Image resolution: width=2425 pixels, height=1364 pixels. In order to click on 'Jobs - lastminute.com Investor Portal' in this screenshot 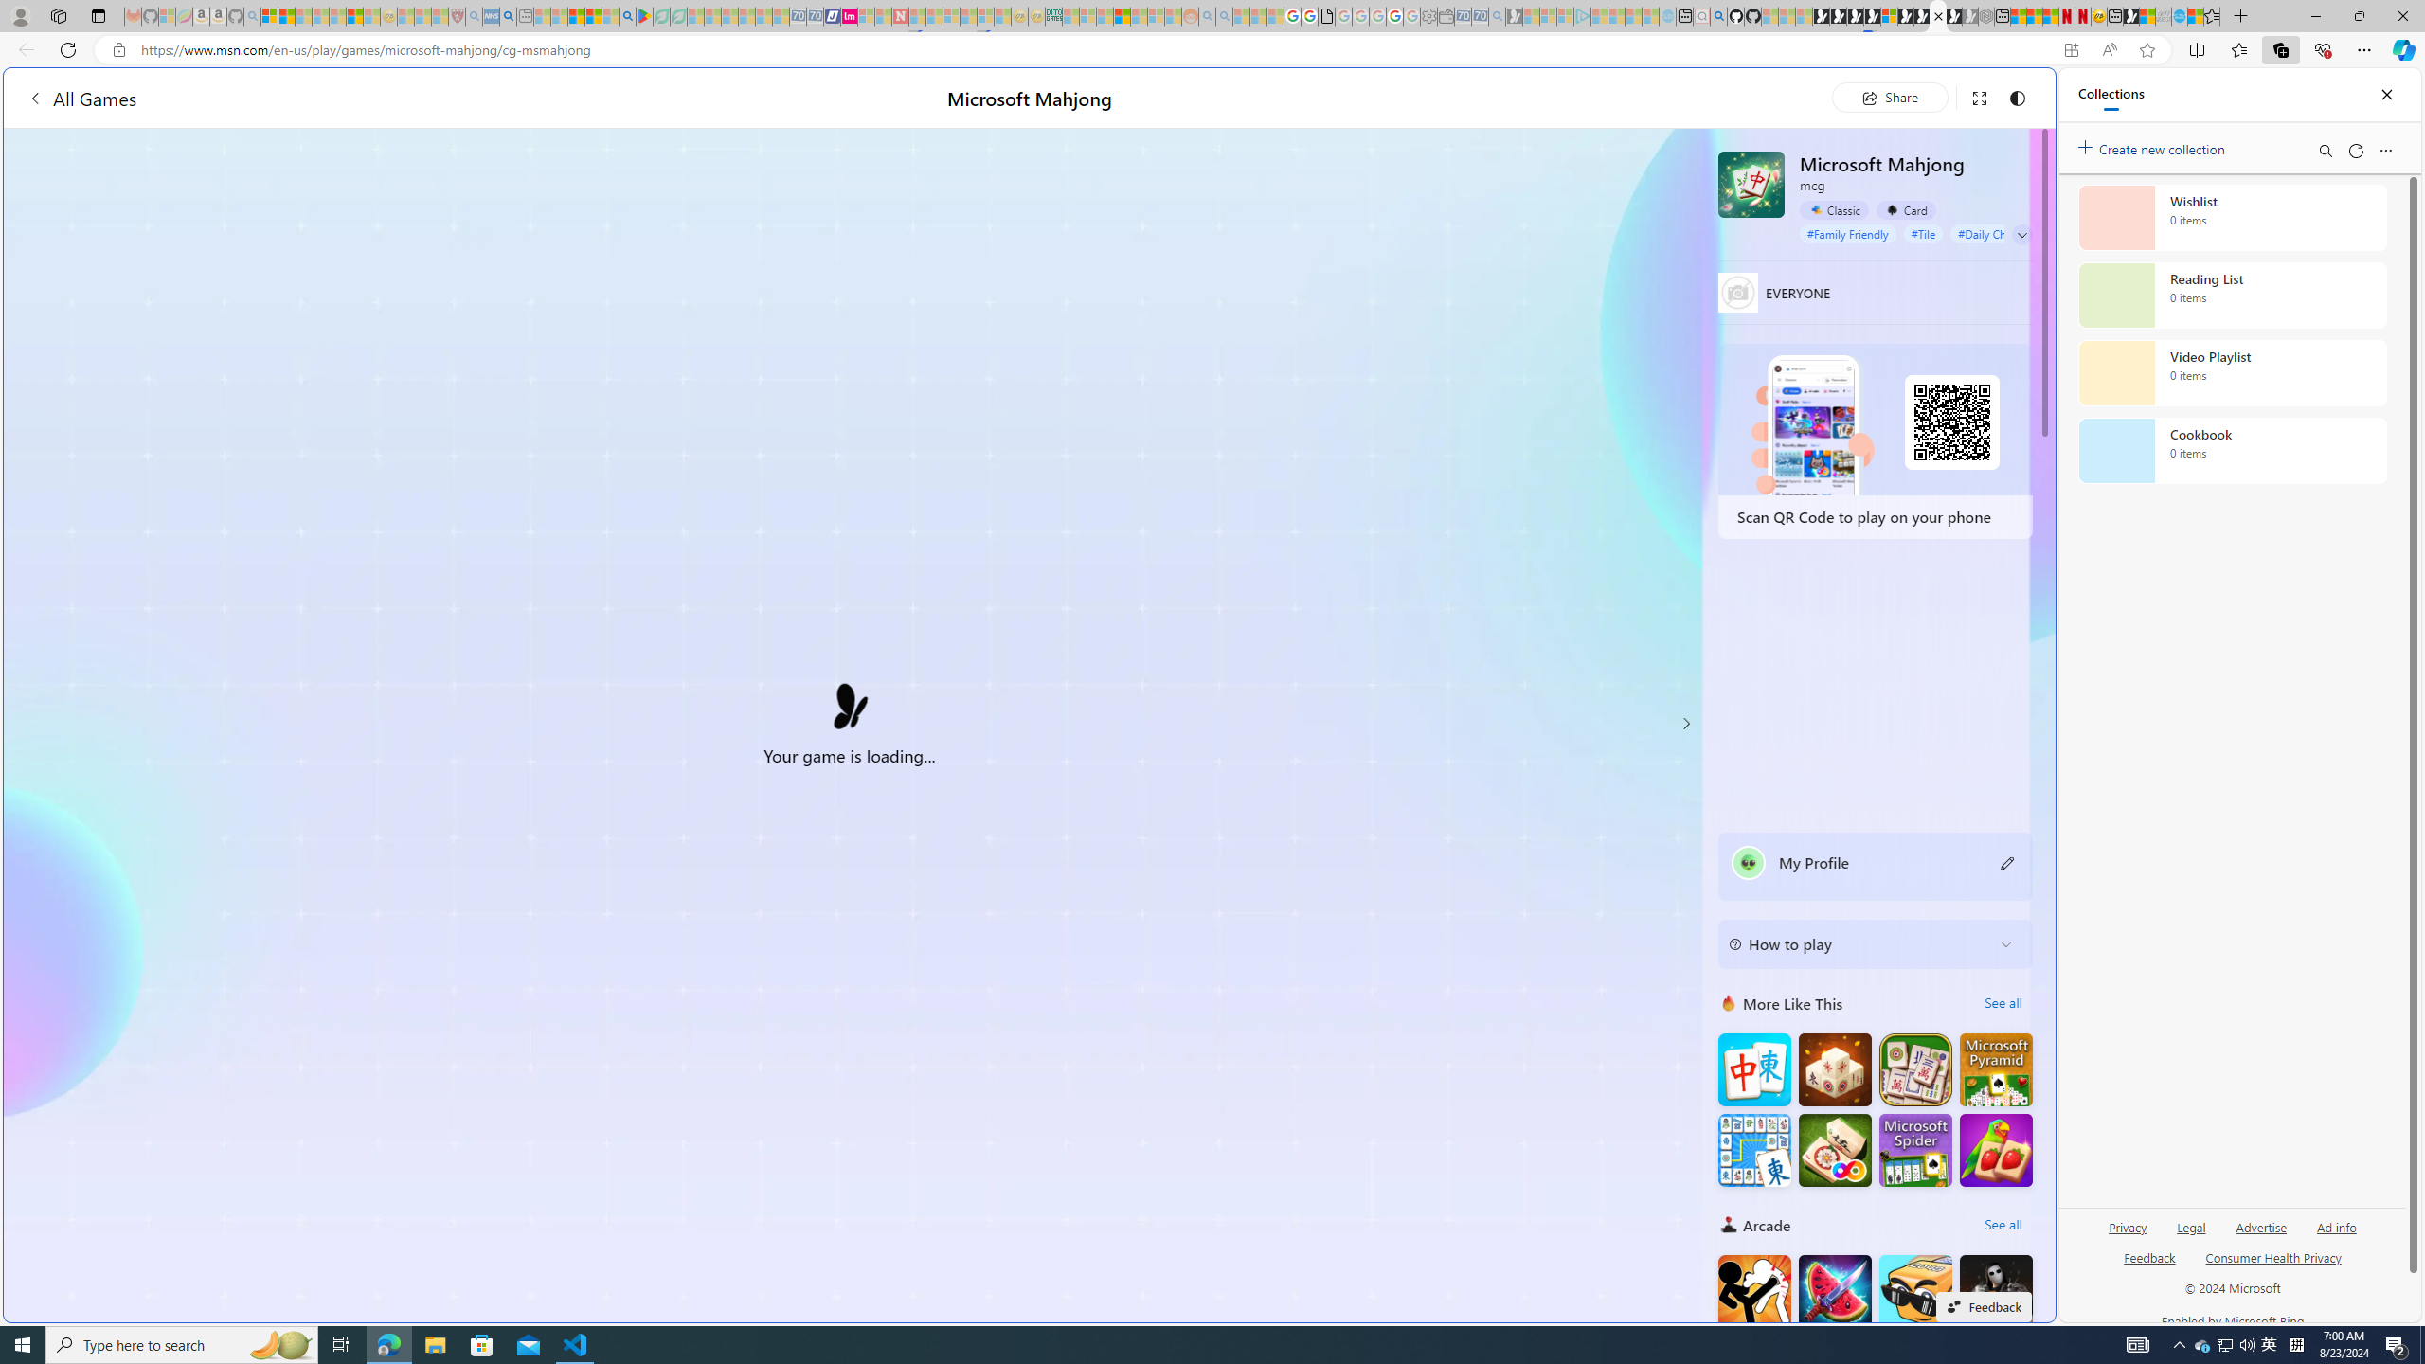, I will do `click(849, 15)`.